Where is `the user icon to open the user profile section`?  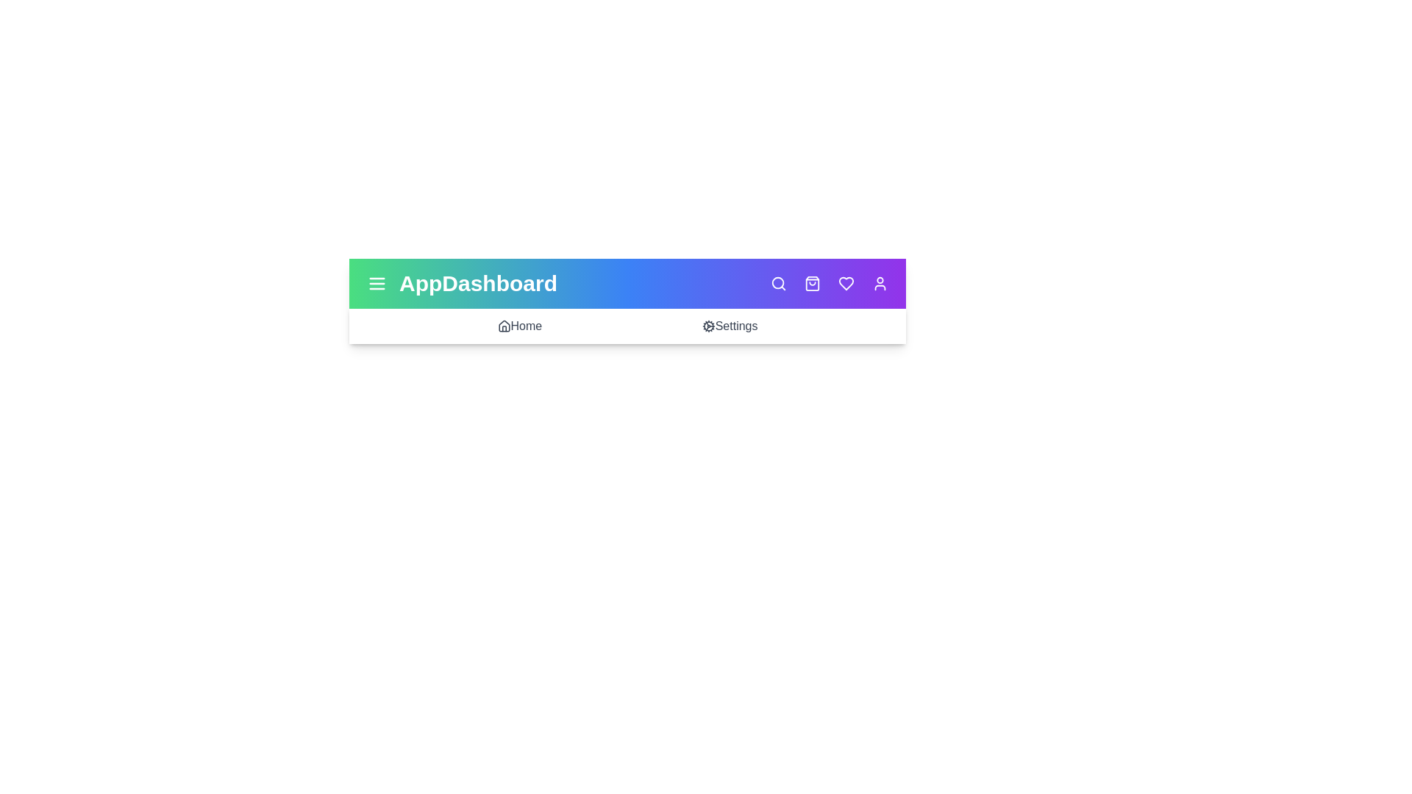 the user icon to open the user profile section is located at coordinates (880, 283).